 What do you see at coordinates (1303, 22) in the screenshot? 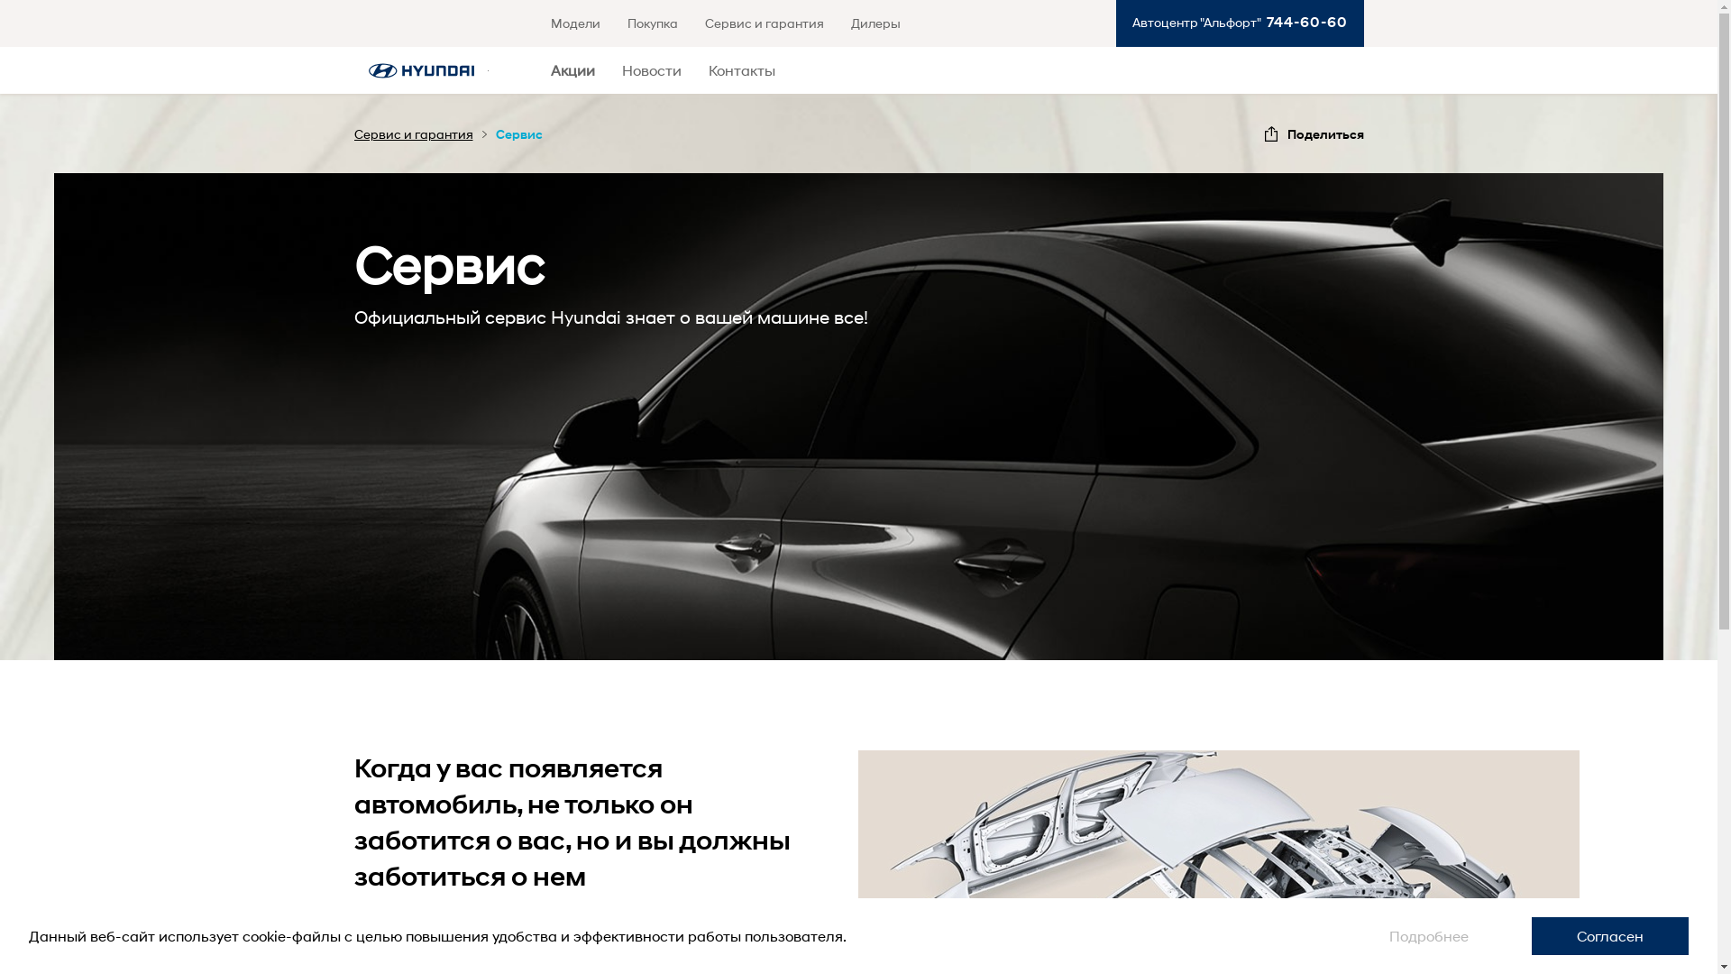
I see `'744-60-60'` at bounding box center [1303, 22].